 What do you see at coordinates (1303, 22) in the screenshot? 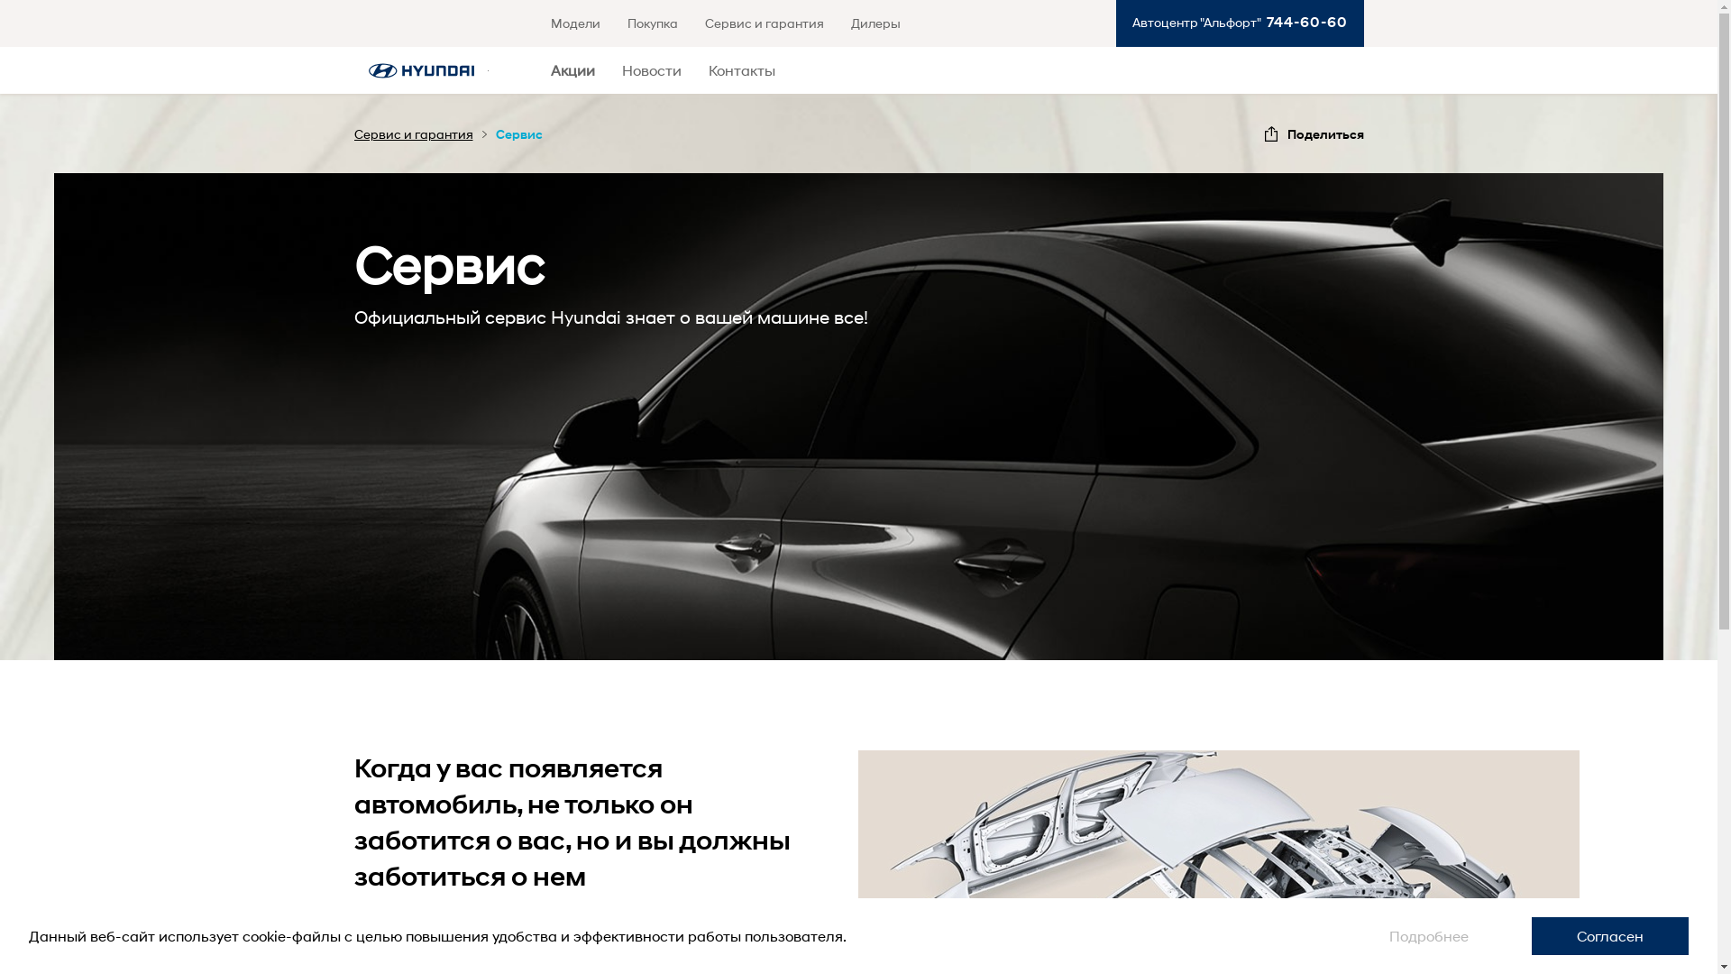
I see `'744-60-60'` at bounding box center [1303, 22].